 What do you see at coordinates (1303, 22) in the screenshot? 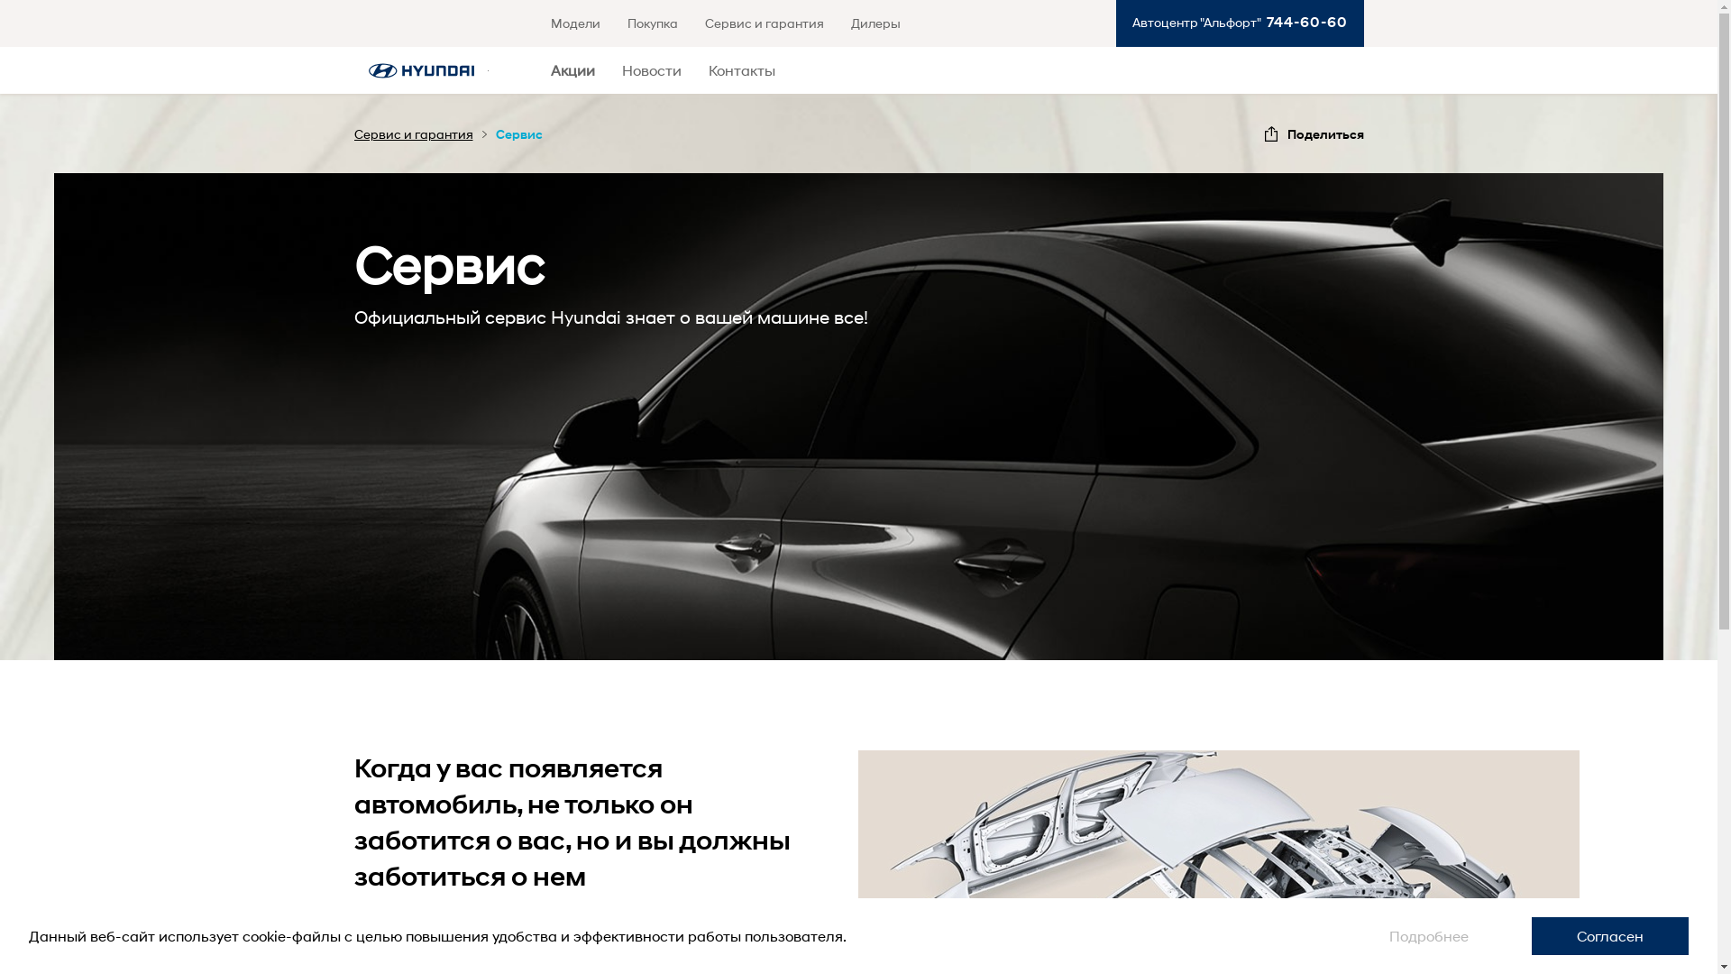
I see `'744-60-60'` at bounding box center [1303, 22].